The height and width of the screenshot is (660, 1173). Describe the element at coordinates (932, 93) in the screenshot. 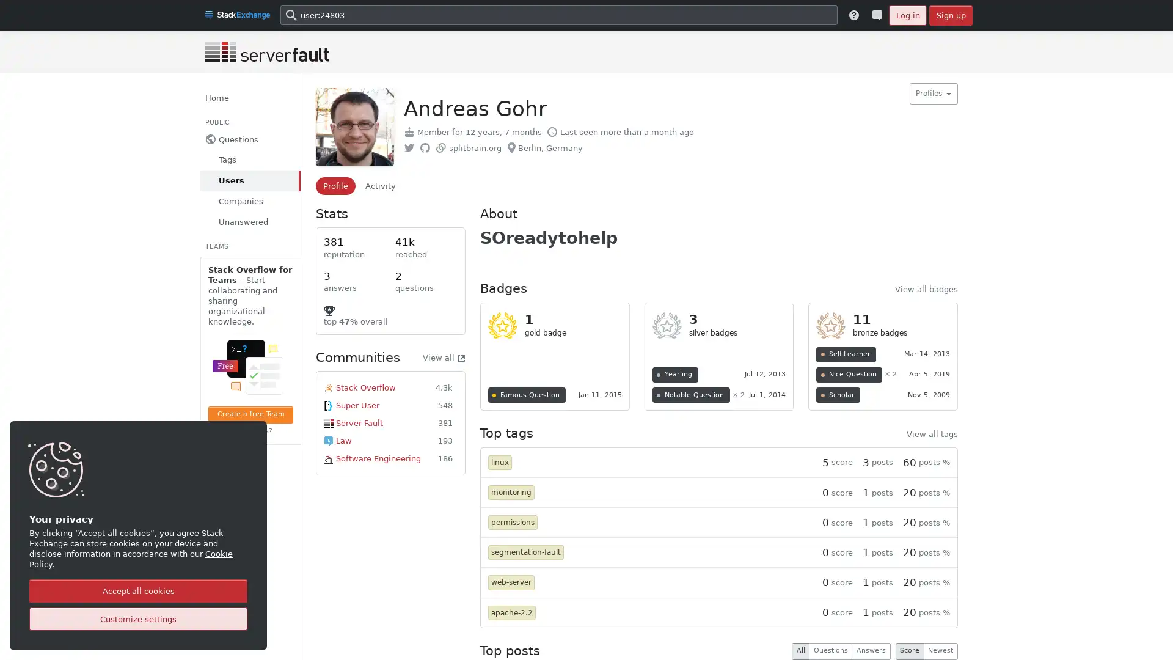

I see `Profiles` at that location.